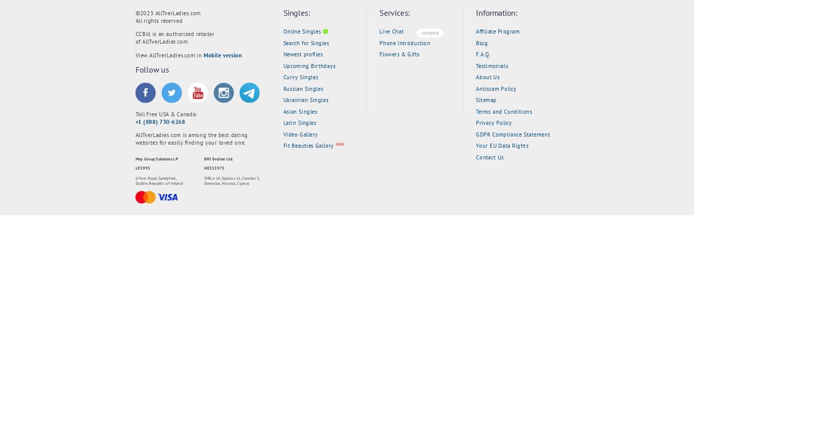  I want to click on 'Search for Singles', so click(306, 42).